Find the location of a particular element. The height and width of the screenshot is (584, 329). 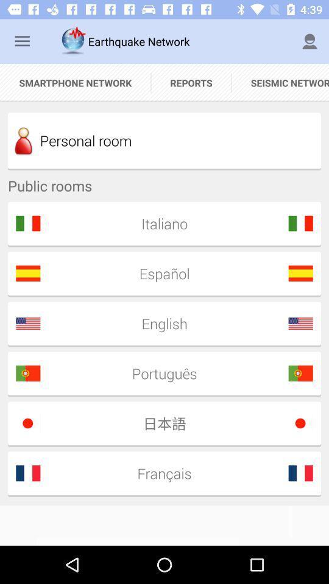

icon below earthquake network is located at coordinates (191, 82).